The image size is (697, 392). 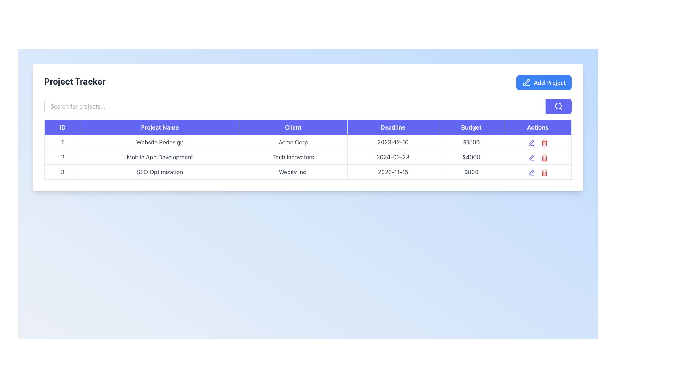 I want to click on the delete button located in the third position of the 'Actions' column for the second row of the table, so click(x=544, y=156).